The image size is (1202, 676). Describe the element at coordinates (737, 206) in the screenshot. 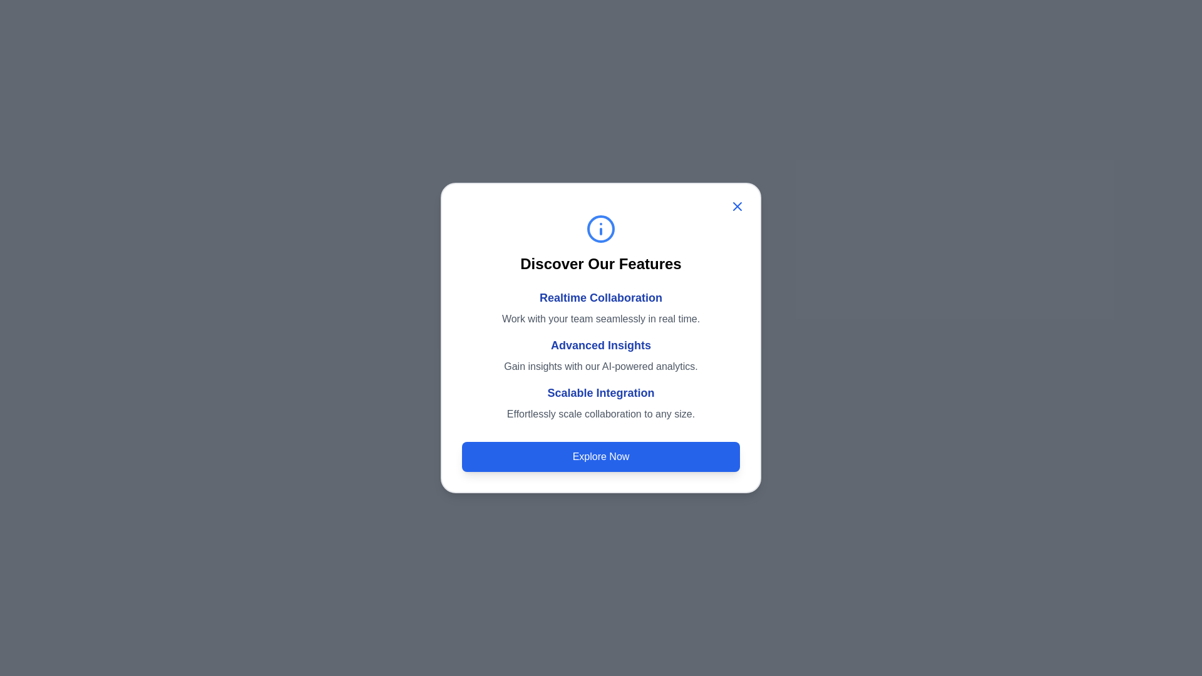

I see `the close button located at the top-right corner of the panel` at that location.